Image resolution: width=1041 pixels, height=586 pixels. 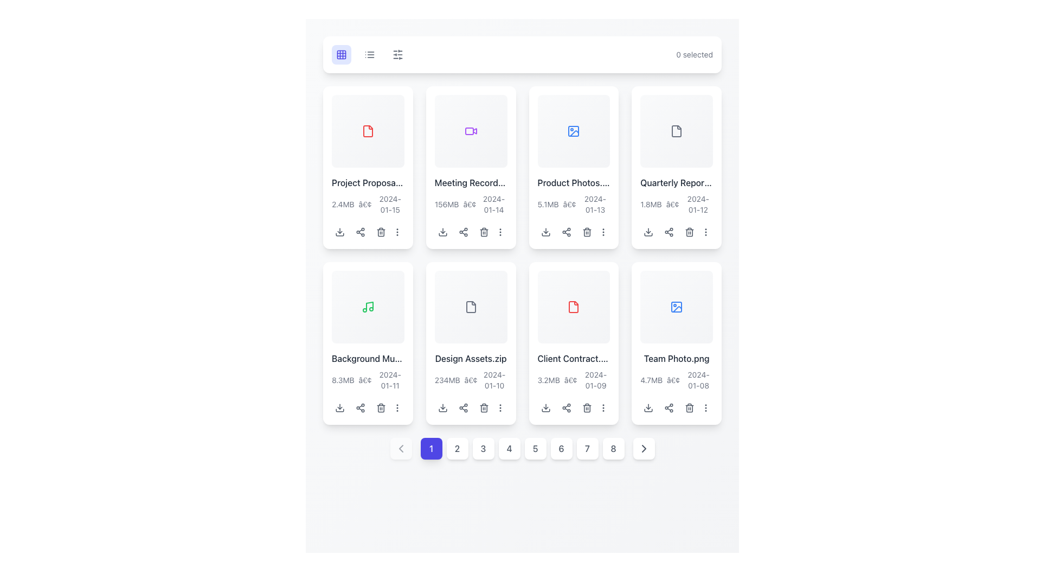 I want to click on the Bullet Separator element, which is a small circular bullet point symbol located between '1.8MB' and '2024-01-12' in the file grid layout of 'Quarterly Report.pdf', so click(x=672, y=204).